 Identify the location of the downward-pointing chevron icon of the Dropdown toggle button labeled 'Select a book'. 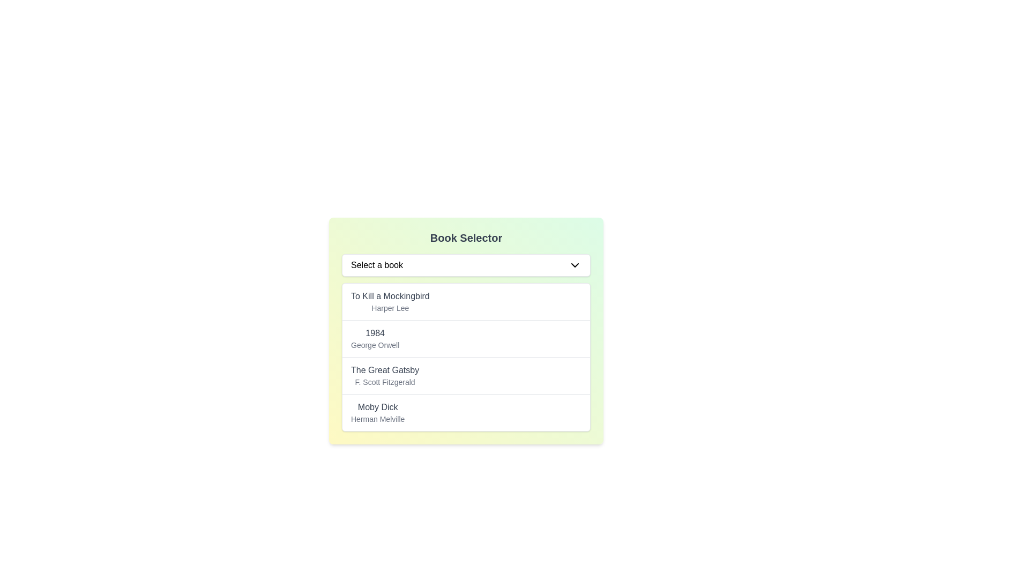
(575, 265).